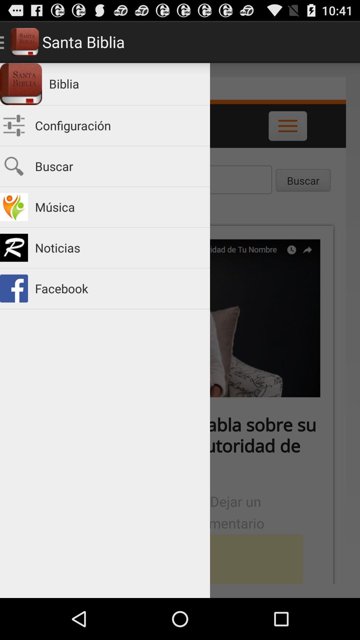 The height and width of the screenshot is (640, 360). What do you see at coordinates (119, 166) in the screenshot?
I see `buscar` at bounding box center [119, 166].